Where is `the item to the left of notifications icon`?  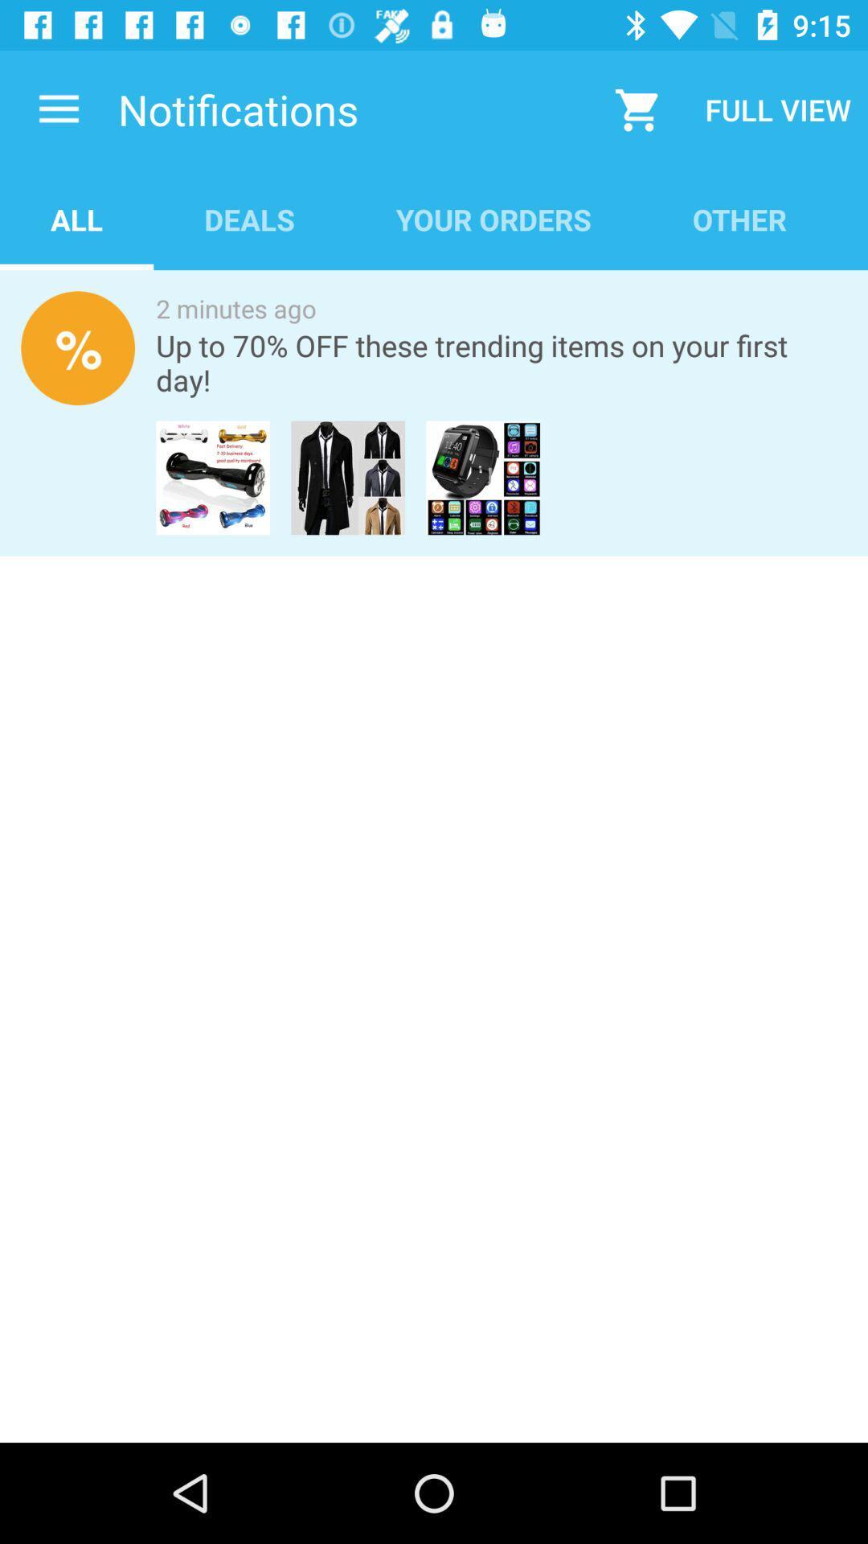 the item to the left of notifications icon is located at coordinates (58, 109).